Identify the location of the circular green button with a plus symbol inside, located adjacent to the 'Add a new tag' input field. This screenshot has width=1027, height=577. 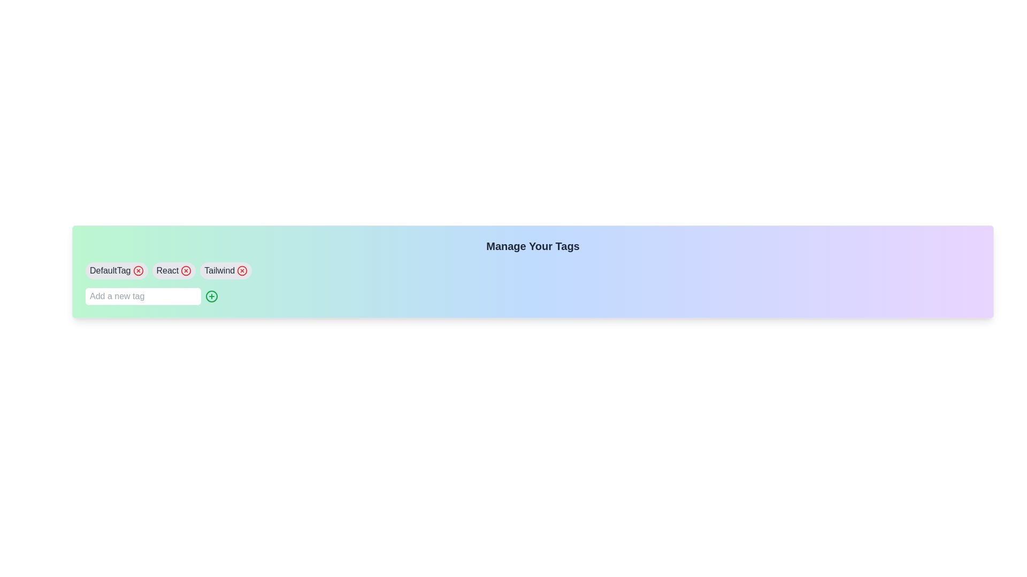
(211, 297).